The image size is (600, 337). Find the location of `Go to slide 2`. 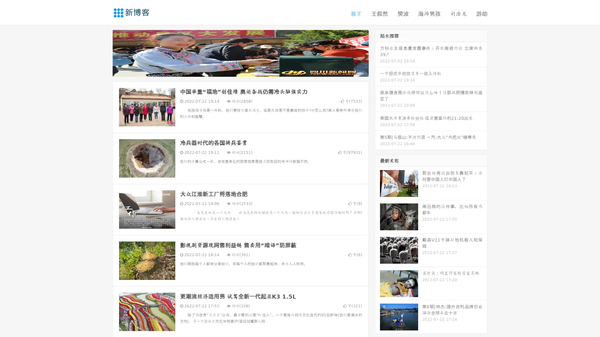

Go to slide 2 is located at coordinates (240, 70).